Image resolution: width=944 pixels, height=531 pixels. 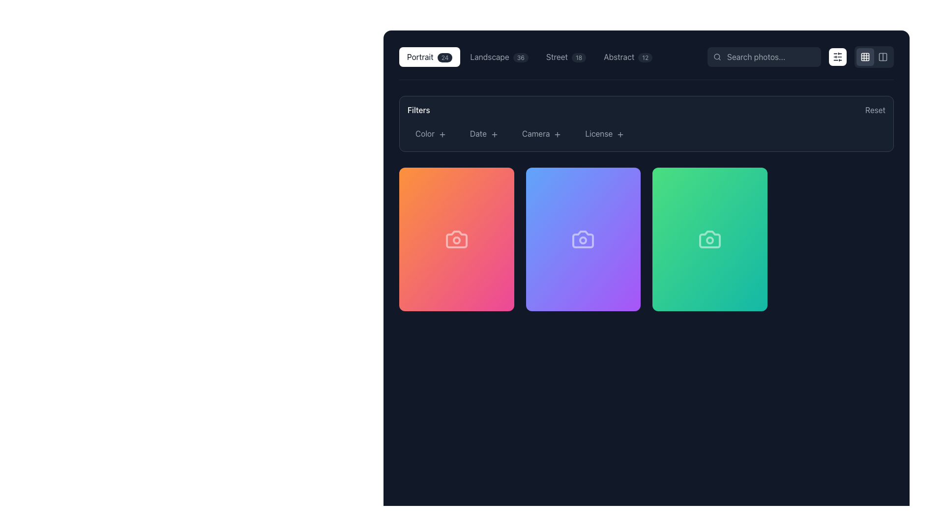 I want to click on the Text badge displaying '36' in light gray font, which is located in the top navigation bar, adjacent to the 'Landscape' label, so click(x=520, y=58).